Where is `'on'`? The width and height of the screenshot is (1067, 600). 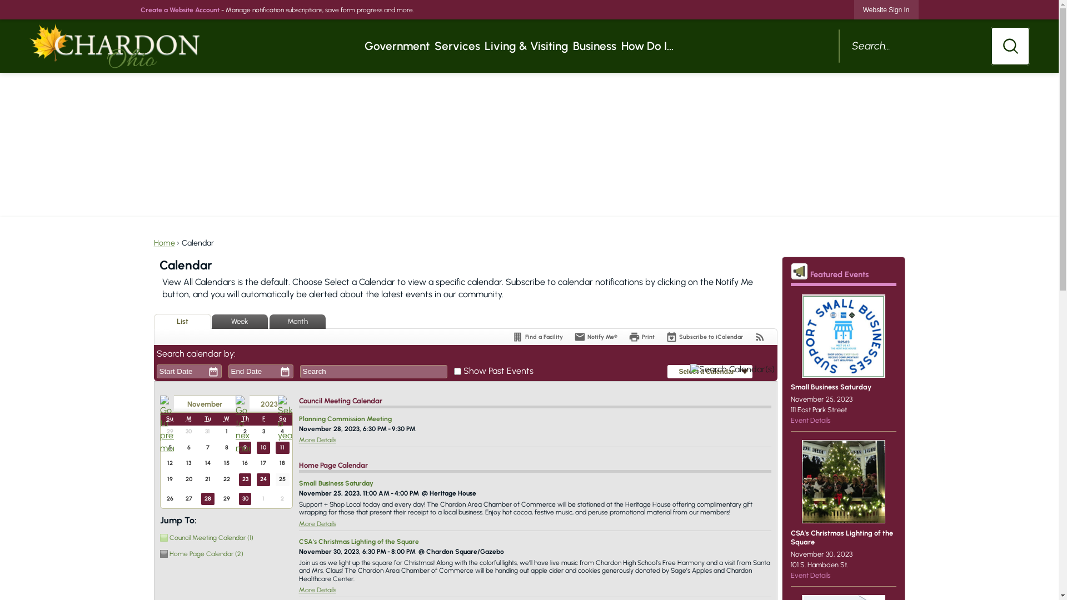
'on' is located at coordinates (457, 371).